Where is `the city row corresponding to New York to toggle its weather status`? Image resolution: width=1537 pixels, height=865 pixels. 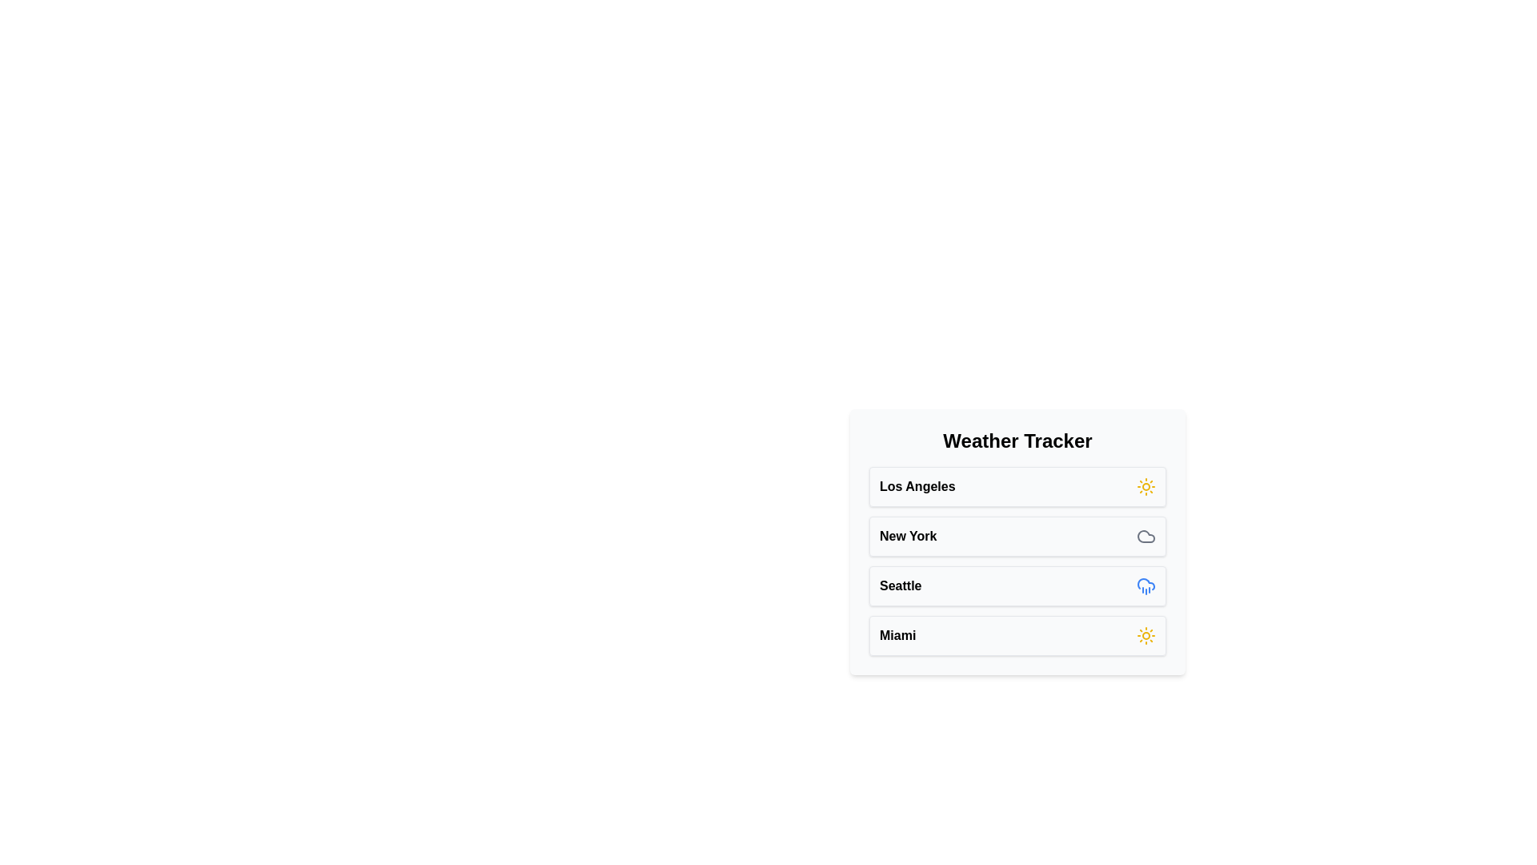 the city row corresponding to New York to toggle its weather status is located at coordinates (1017, 537).